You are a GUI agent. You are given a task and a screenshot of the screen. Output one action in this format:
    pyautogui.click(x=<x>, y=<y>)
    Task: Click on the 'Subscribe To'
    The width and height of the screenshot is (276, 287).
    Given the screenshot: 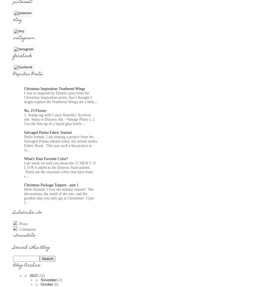 What is the action you would take?
    pyautogui.click(x=27, y=213)
    